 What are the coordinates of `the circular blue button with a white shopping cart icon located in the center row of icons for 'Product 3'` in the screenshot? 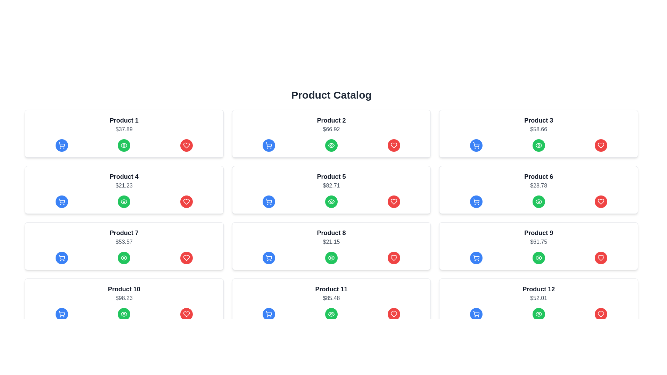 It's located at (476, 145).